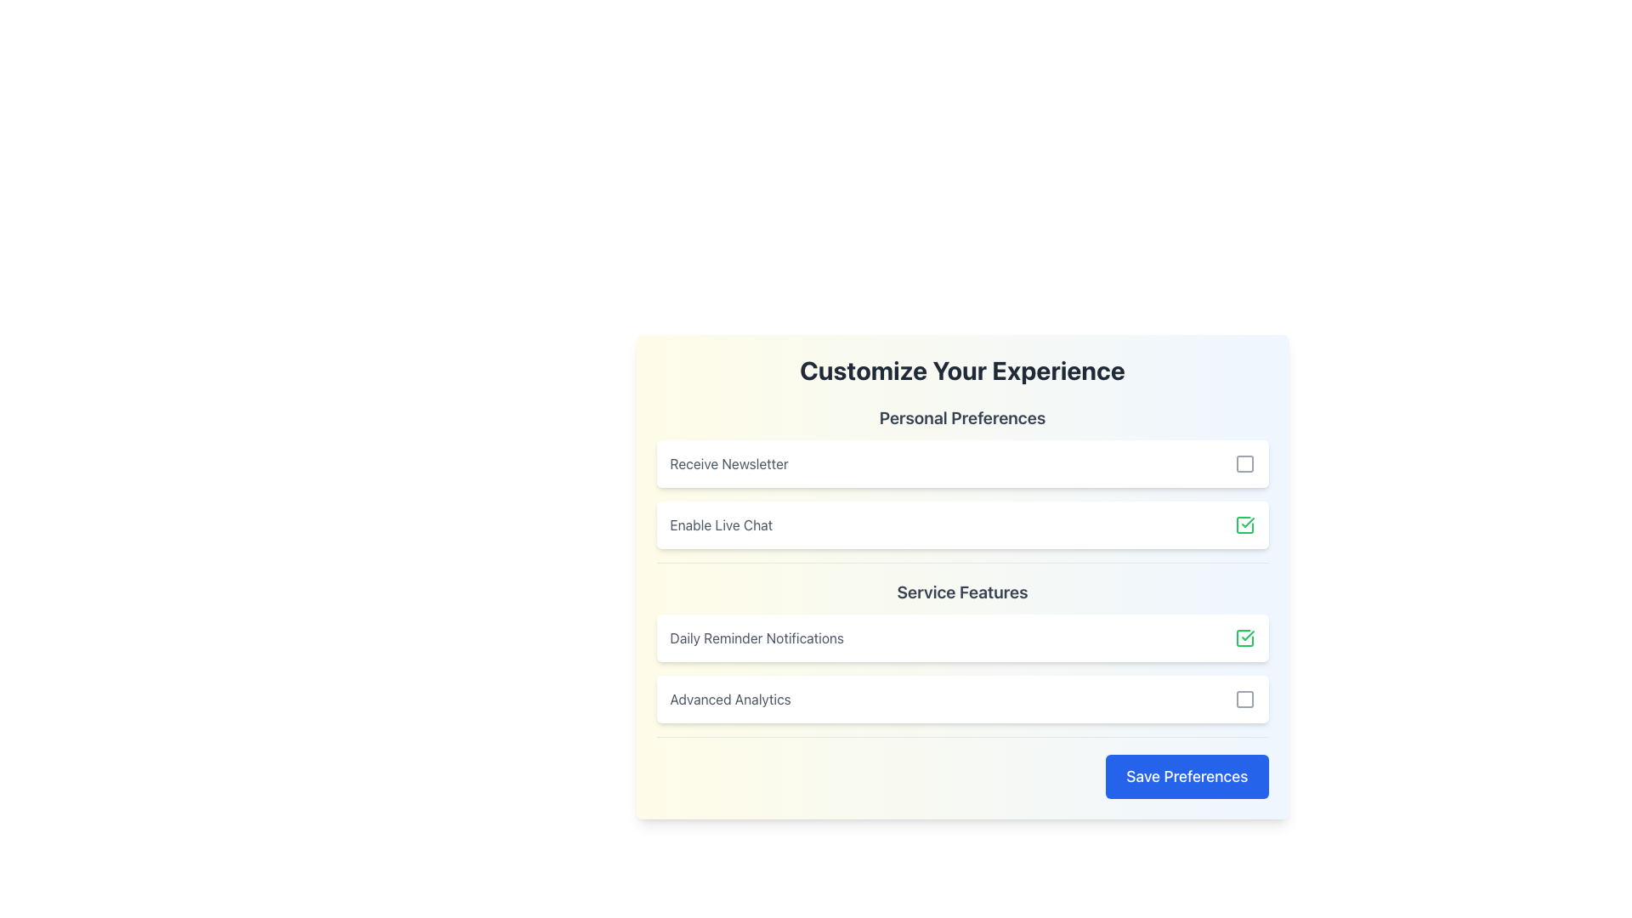 This screenshot has width=1632, height=918. What do you see at coordinates (962, 592) in the screenshot?
I see `the Text Label that serves as a header for the 'Service Features' section, positioned above the list of service feature items` at bounding box center [962, 592].